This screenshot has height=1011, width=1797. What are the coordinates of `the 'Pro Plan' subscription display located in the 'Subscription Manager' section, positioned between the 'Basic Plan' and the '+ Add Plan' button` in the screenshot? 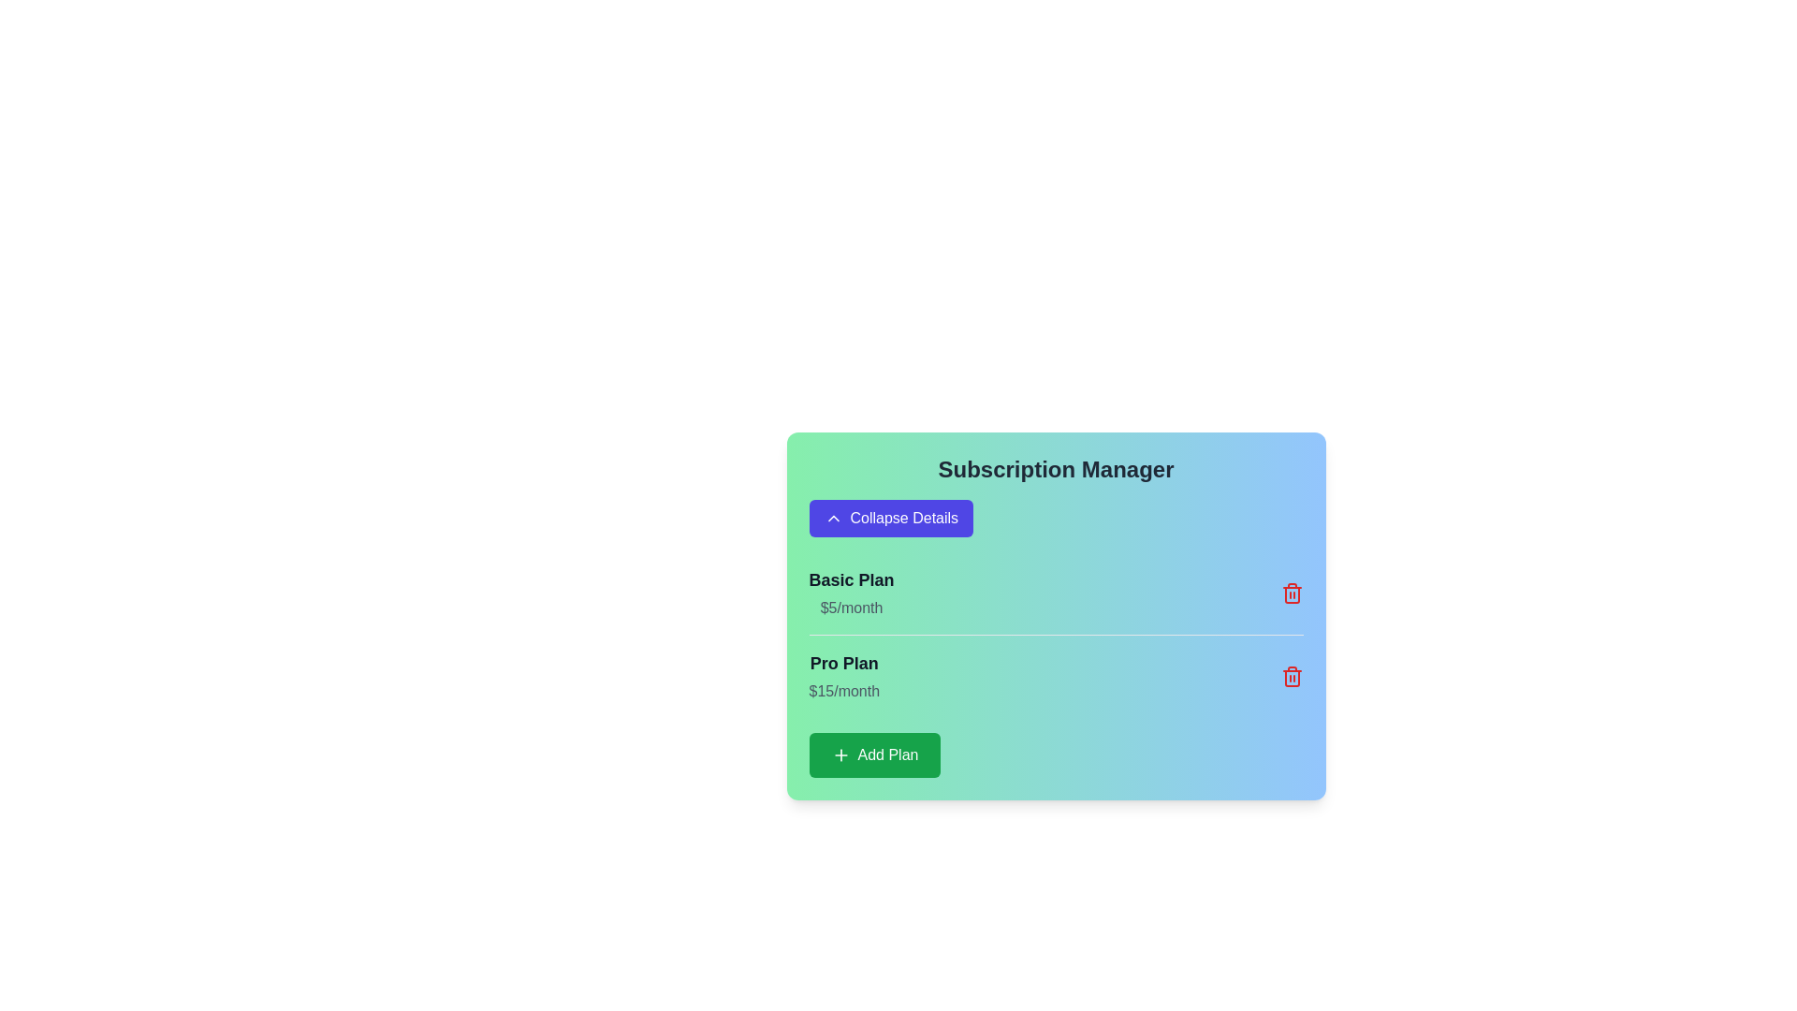 It's located at (843, 676).